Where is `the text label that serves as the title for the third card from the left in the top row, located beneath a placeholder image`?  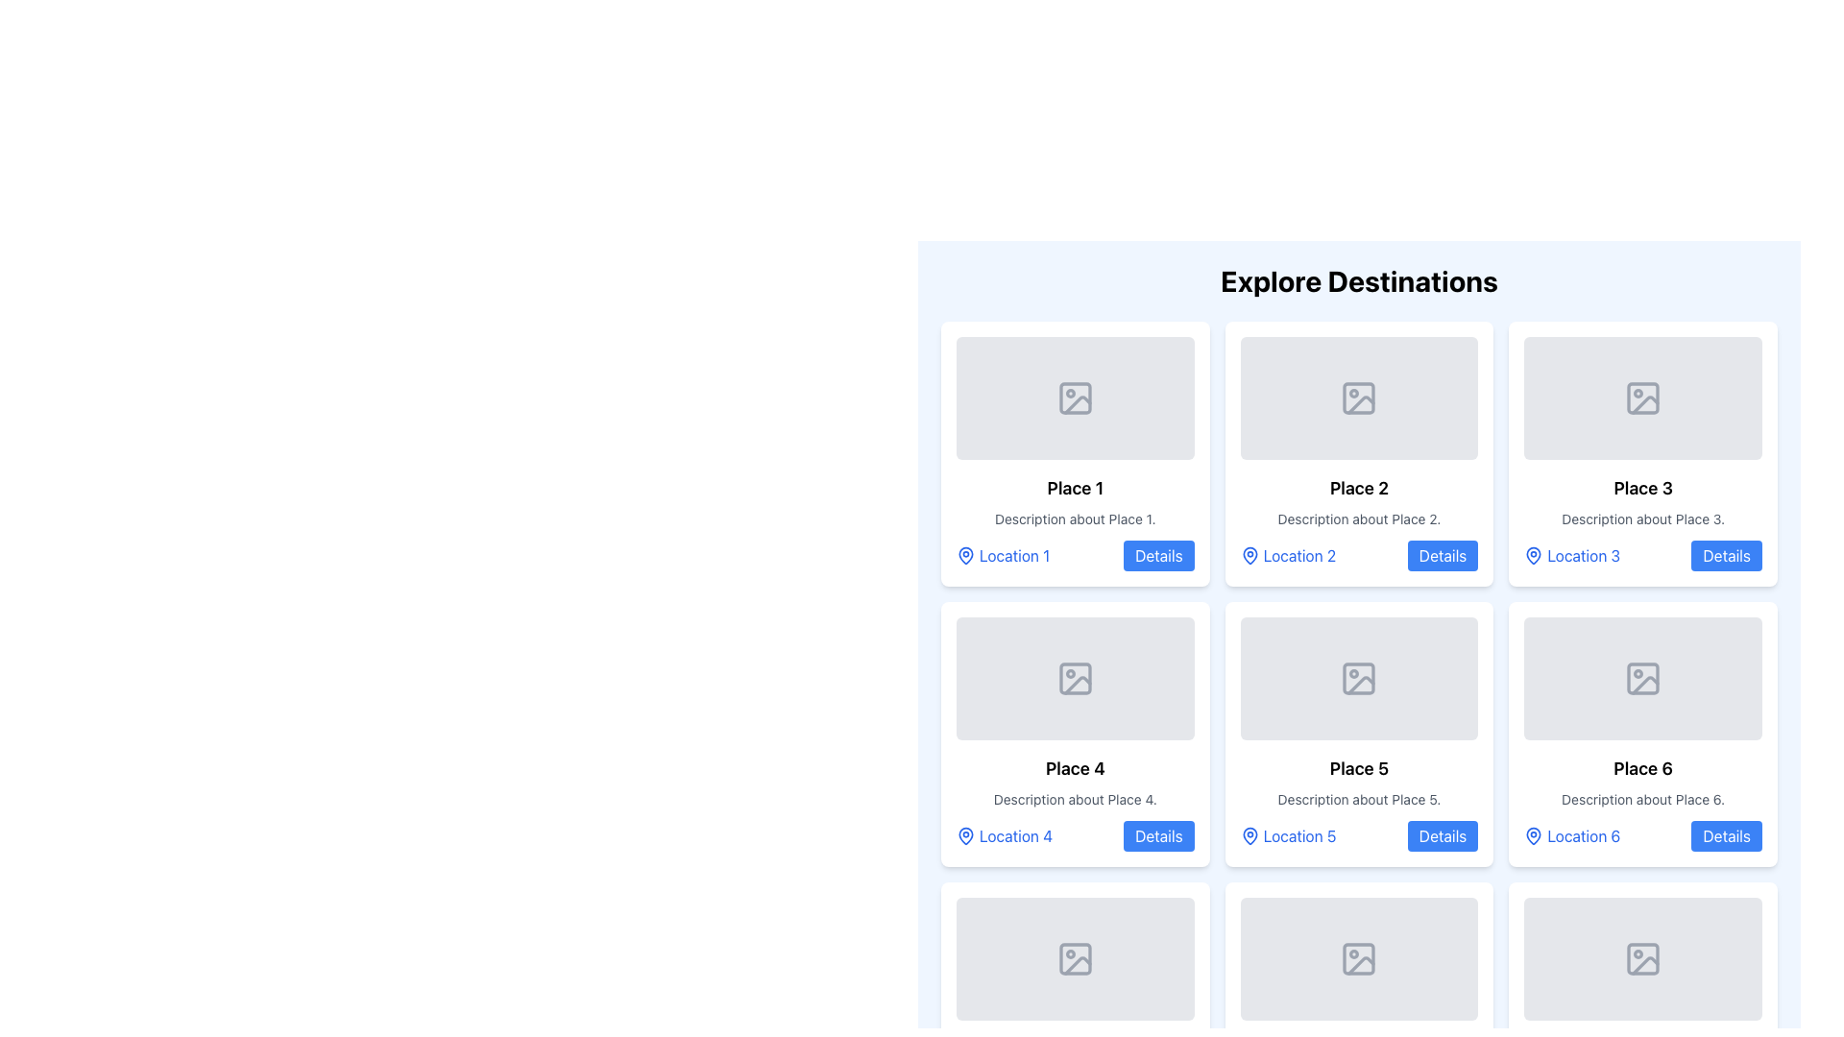 the text label that serves as the title for the third card from the left in the top row, located beneath a placeholder image is located at coordinates (1642, 488).